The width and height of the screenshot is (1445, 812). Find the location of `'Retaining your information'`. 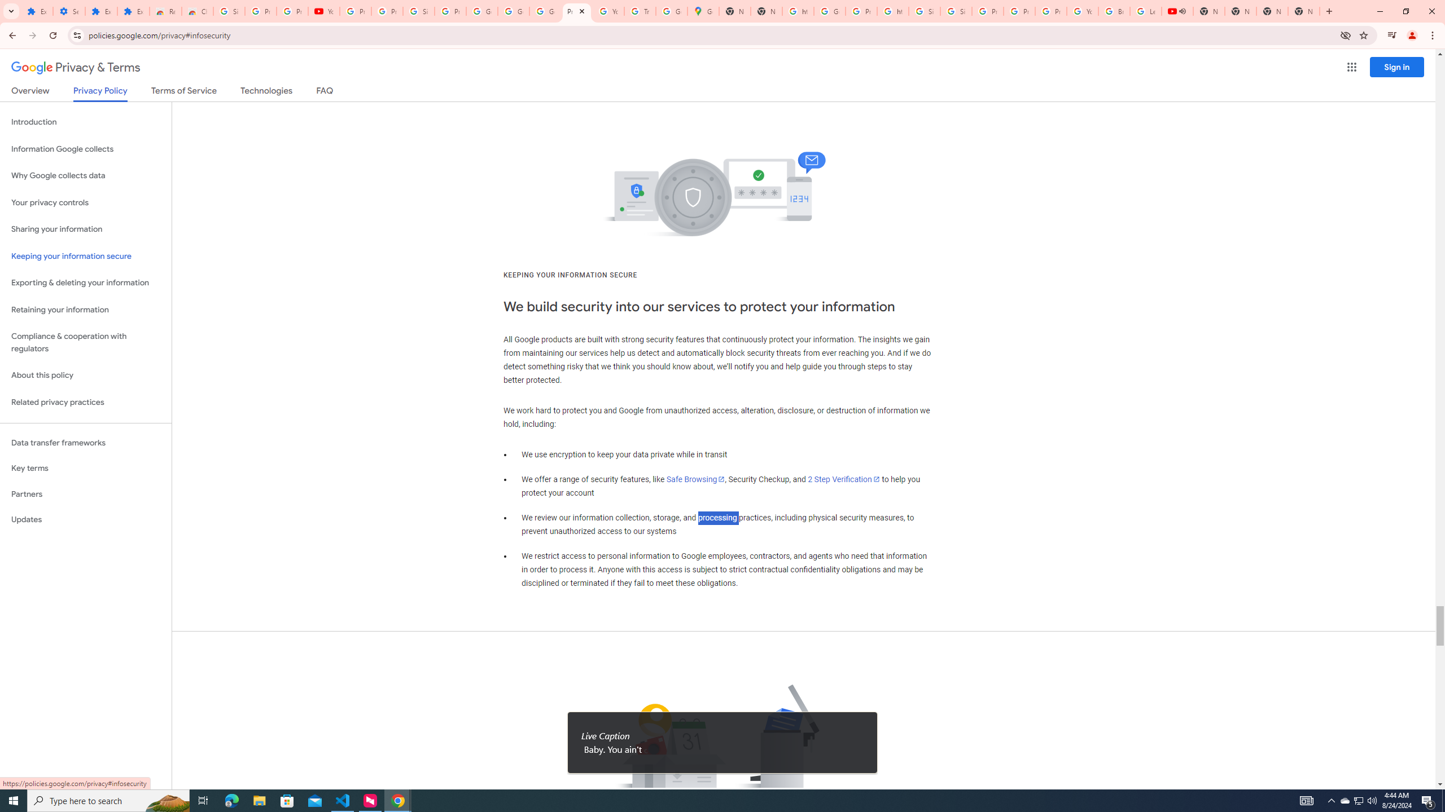

'Retaining your information' is located at coordinates (85, 310).